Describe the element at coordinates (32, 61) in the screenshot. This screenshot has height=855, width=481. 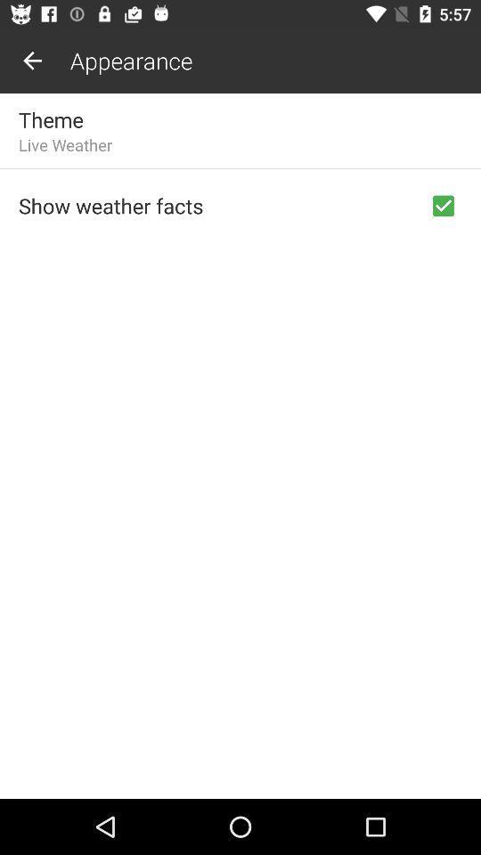
I see `icon to the left of appearance app` at that location.